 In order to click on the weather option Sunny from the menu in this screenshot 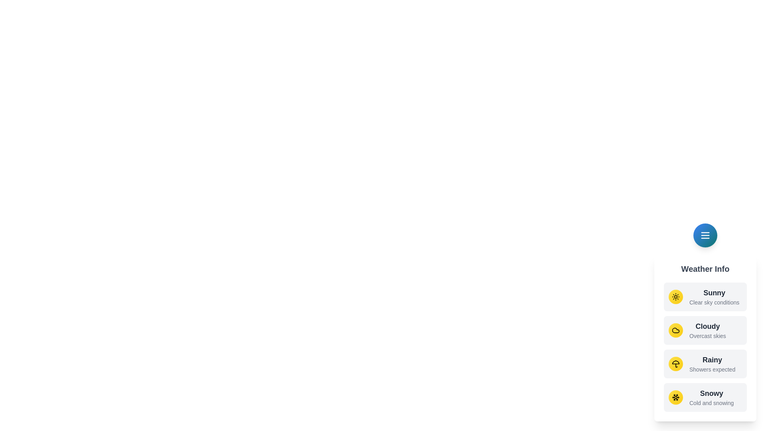, I will do `click(705, 297)`.